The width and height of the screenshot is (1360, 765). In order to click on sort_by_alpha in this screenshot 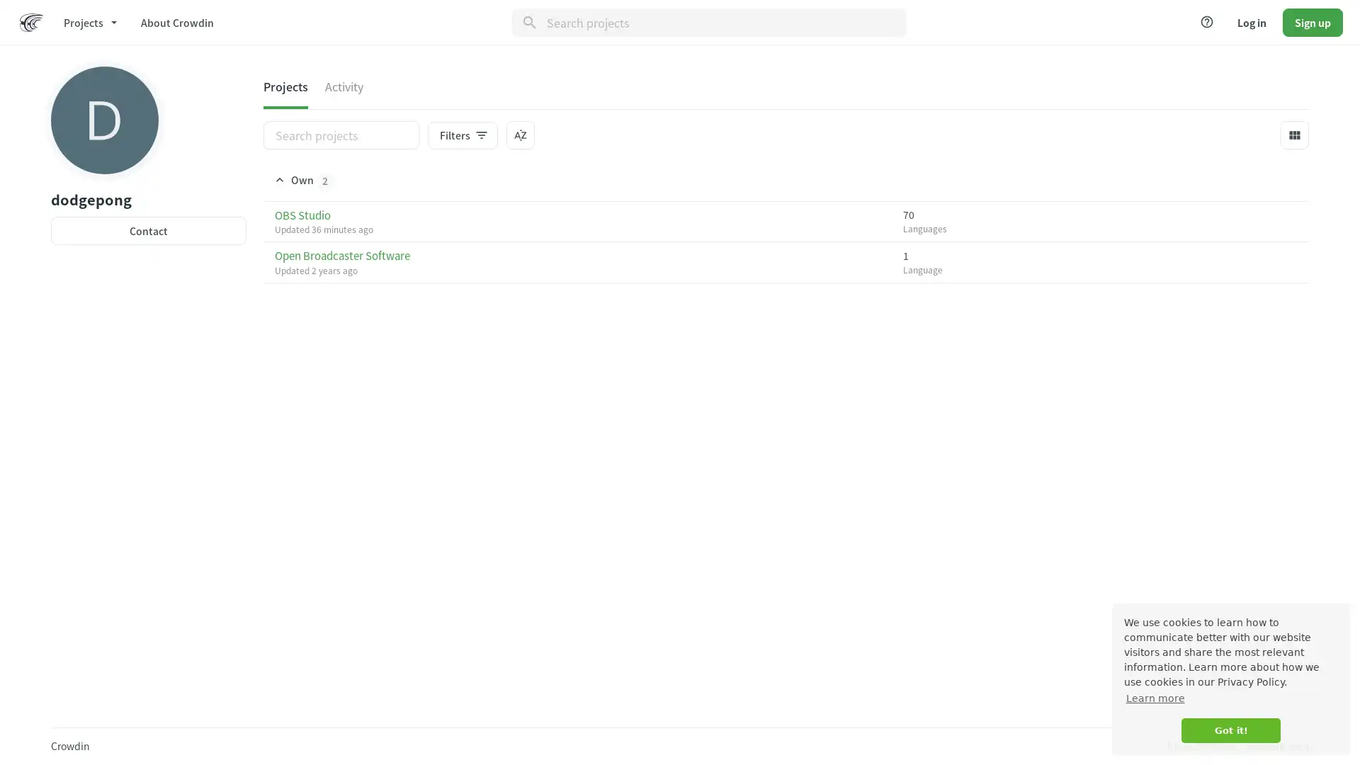, I will do `click(519, 135)`.